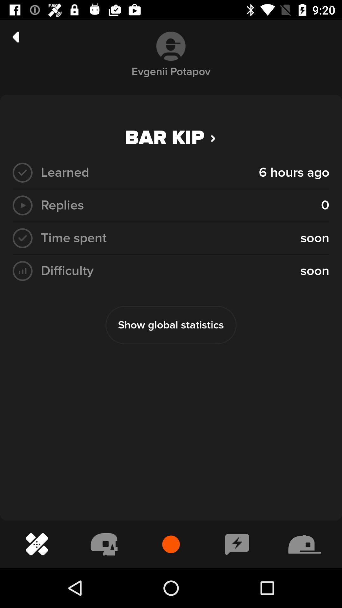 The width and height of the screenshot is (342, 608). What do you see at coordinates (16, 36) in the screenshot?
I see `the arrow_backward icon` at bounding box center [16, 36].